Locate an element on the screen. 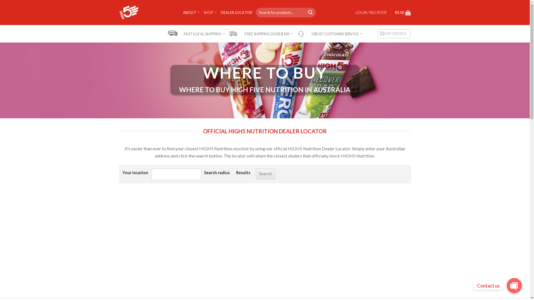 The image size is (534, 300). 'SHOP' is located at coordinates (203, 12).